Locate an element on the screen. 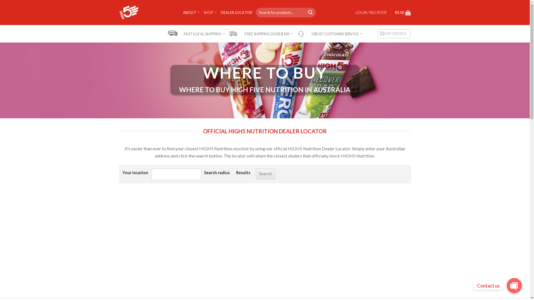 The image size is (534, 300). 'SHOP' is located at coordinates (203, 12).